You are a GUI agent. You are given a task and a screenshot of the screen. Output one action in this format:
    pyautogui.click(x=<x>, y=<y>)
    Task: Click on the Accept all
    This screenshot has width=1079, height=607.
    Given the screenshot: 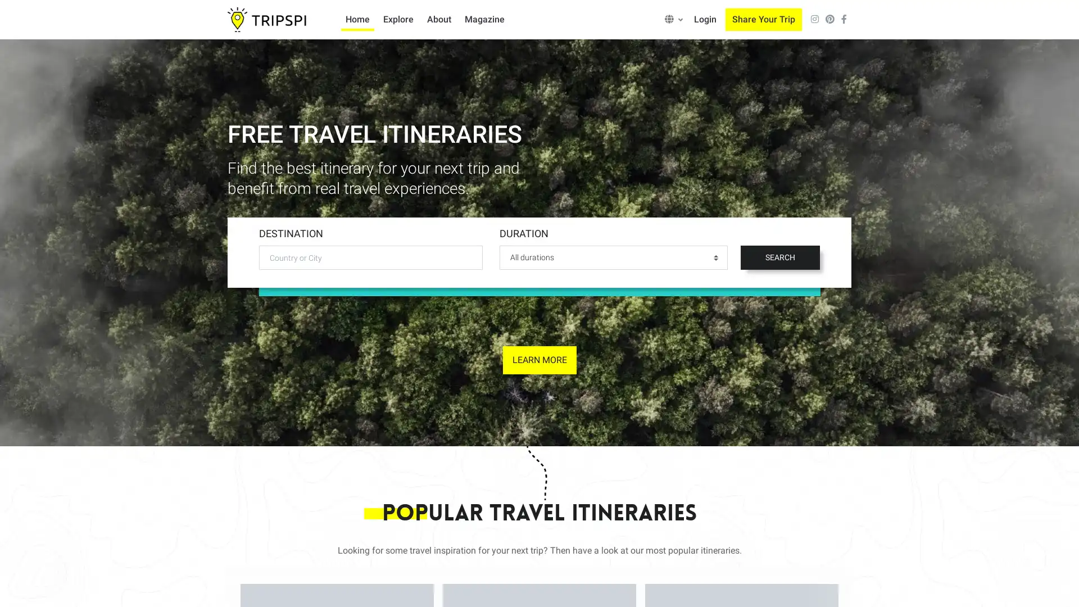 What is the action you would take?
    pyautogui.click(x=268, y=554)
    